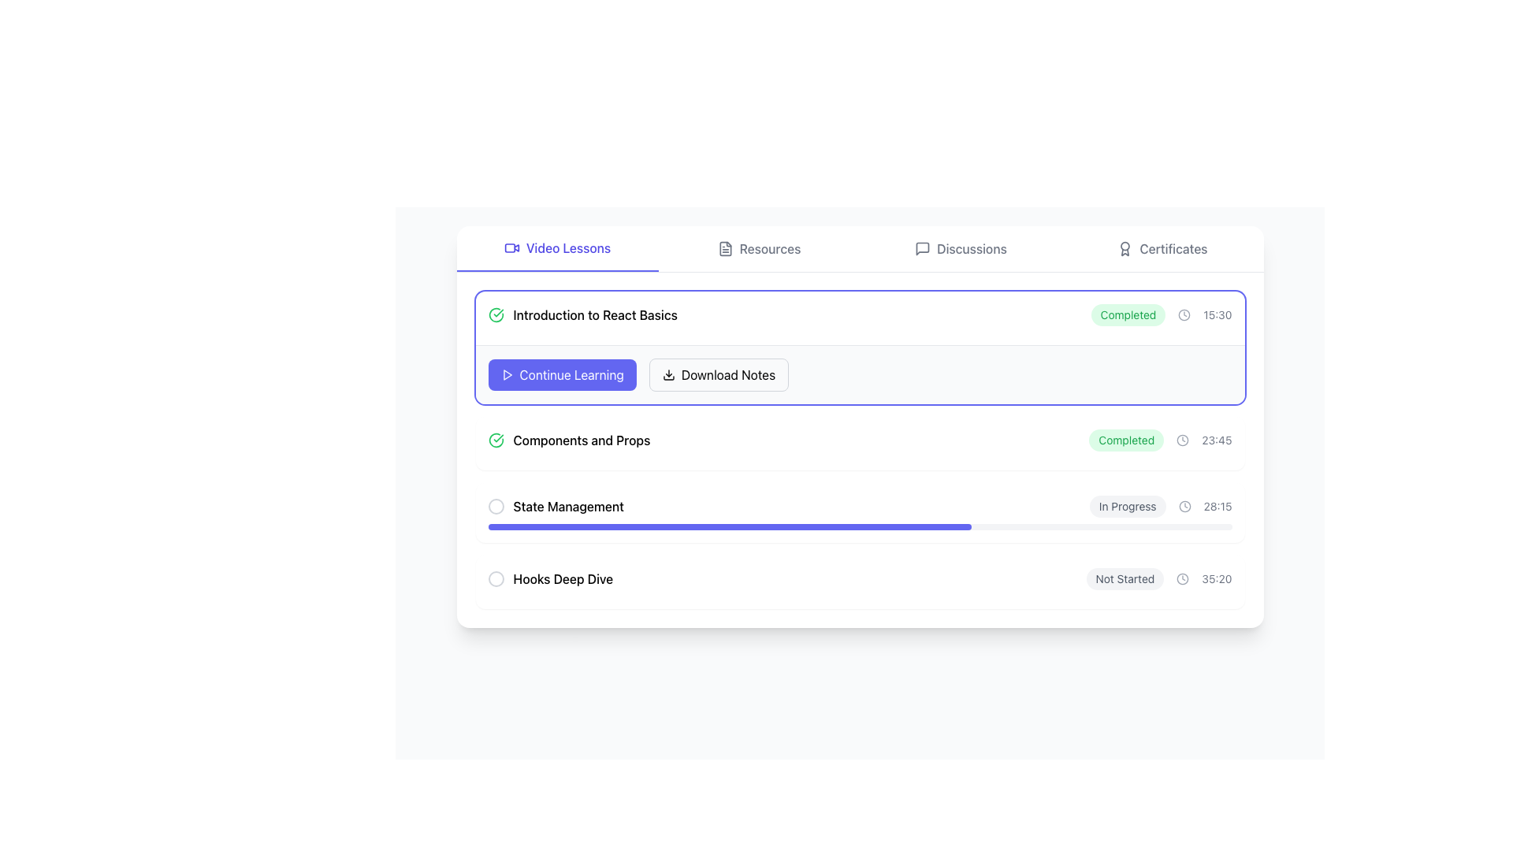 This screenshot has height=851, width=1513. What do you see at coordinates (859, 513) in the screenshot?
I see `the Informational panel for the learning module titled 'State Management' that indicates its status as 'In Progress' and has a progress bar underneath` at bounding box center [859, 513].